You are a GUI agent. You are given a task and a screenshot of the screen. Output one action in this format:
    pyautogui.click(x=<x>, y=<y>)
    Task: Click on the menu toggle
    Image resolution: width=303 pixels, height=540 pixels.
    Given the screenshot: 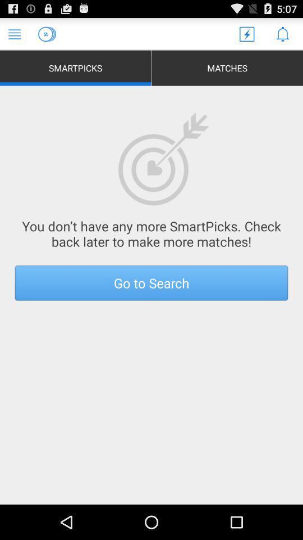 What is the action you would take?
    pyautogui.click(x=14, y=33)
    